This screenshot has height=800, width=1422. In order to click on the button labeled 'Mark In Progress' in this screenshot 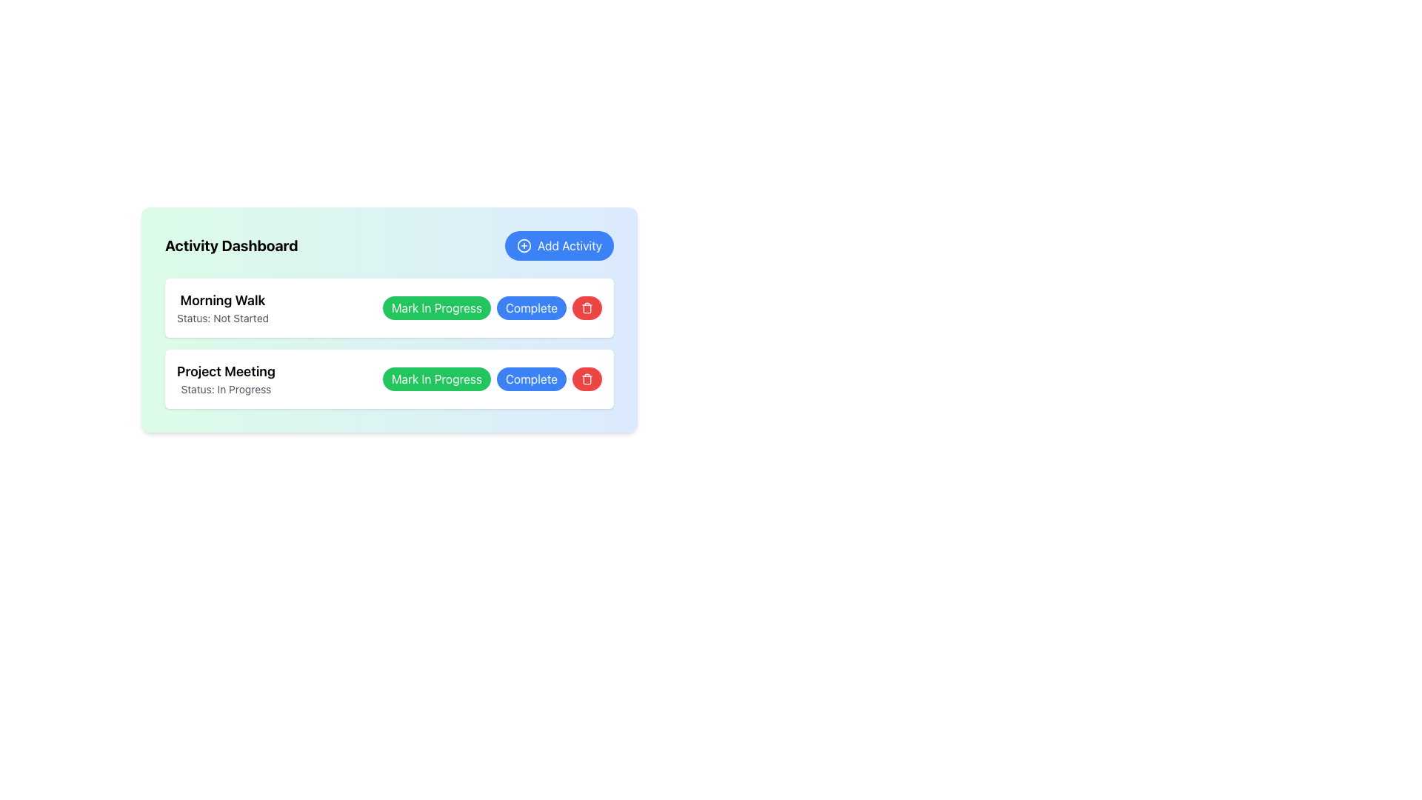, I will do `click(435, 379)`.